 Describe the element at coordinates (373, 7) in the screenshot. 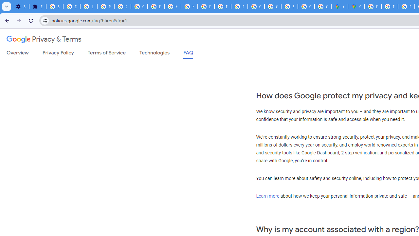

I see `'Policy Accountability and Transparency - Transparency Center'` at that location.